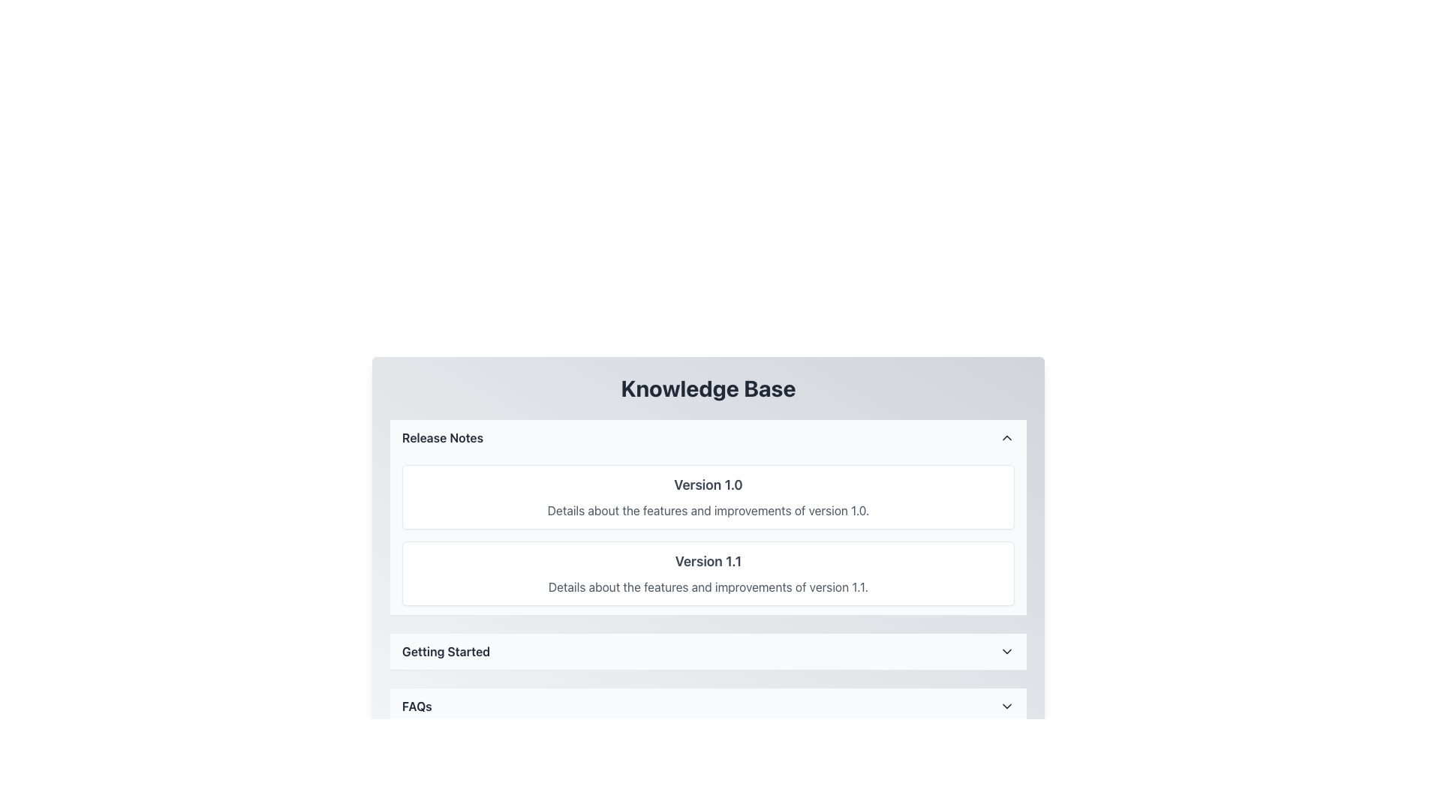 This screenshot has width=1441, height=810. Describe the element at coordinates (708, 561) in the screenshot. I see `the Text Label 'Version 1.1', which serves as a heading for the section titled 'Release Notes' in the Knowledge Base interface` at that location.